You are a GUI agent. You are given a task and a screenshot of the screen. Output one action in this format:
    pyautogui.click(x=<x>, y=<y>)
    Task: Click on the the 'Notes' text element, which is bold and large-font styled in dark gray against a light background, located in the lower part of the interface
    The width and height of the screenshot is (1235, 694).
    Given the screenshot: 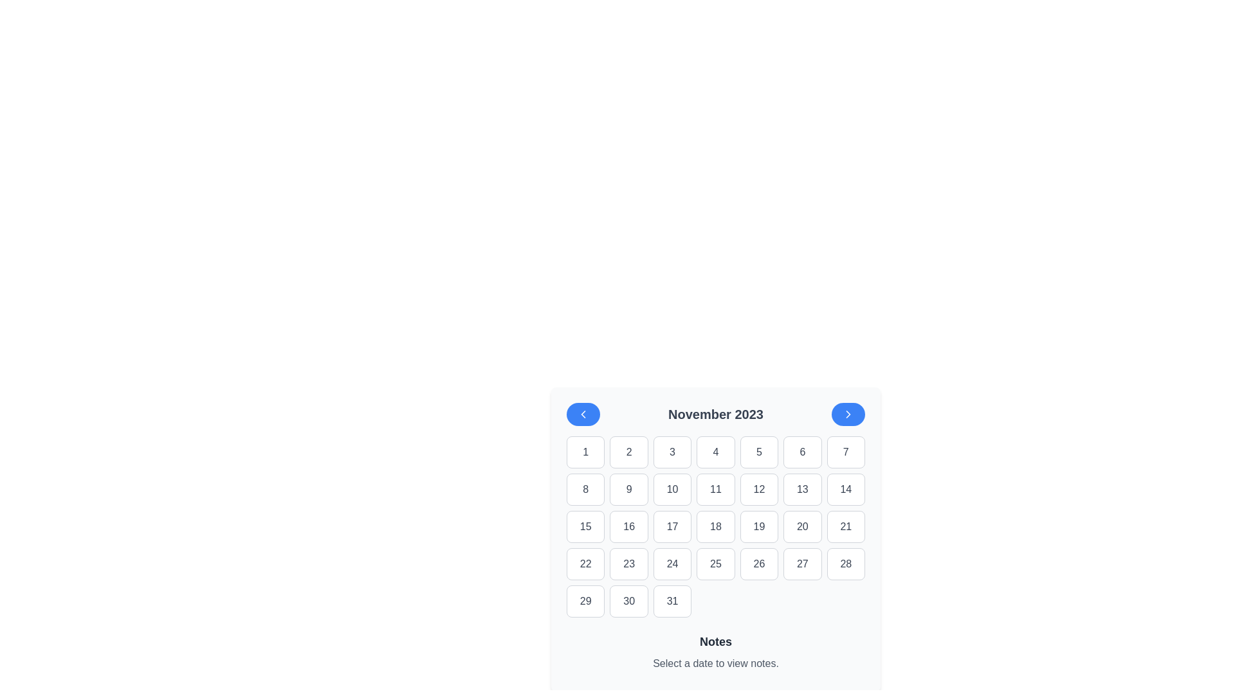 What is the action you would take?
    pyautogui.click(x=715, y=642)
    